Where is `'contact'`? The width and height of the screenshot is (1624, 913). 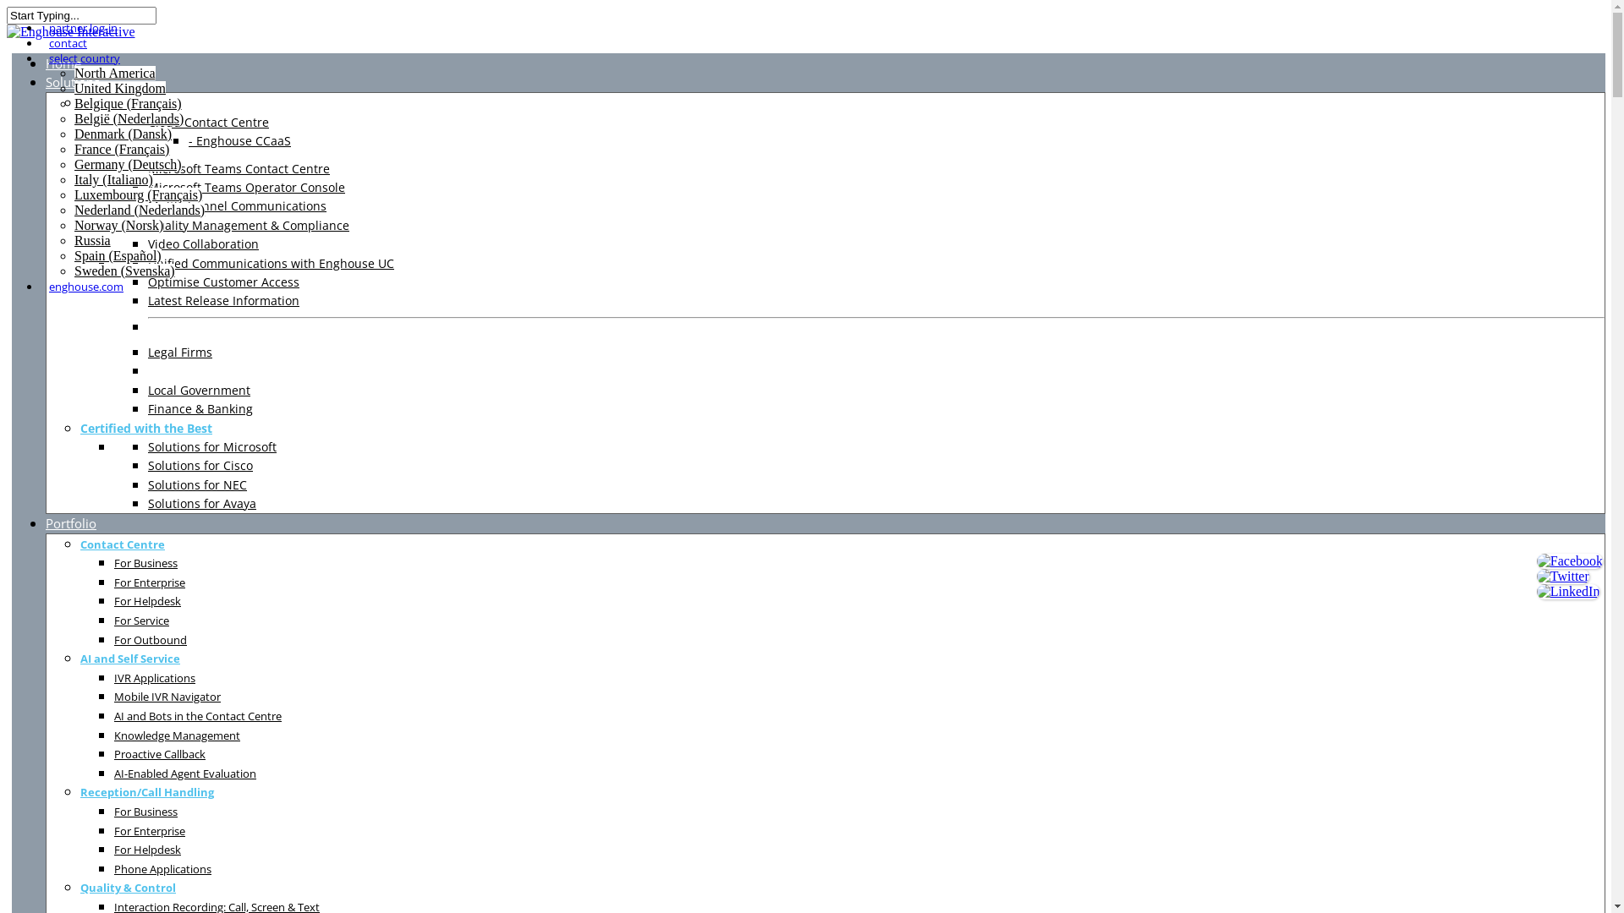 'contact' is located at coordinates (68, 41).